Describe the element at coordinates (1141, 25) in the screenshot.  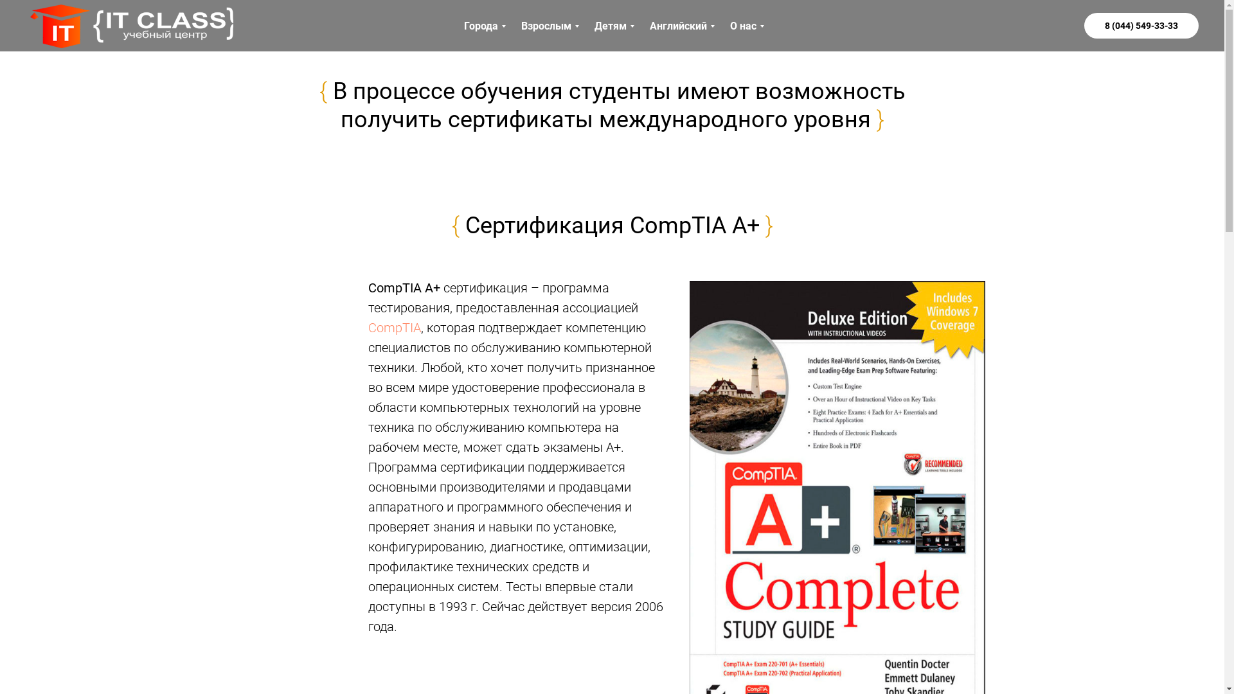
I see `'8 (044) 549-33-33'` at that location.